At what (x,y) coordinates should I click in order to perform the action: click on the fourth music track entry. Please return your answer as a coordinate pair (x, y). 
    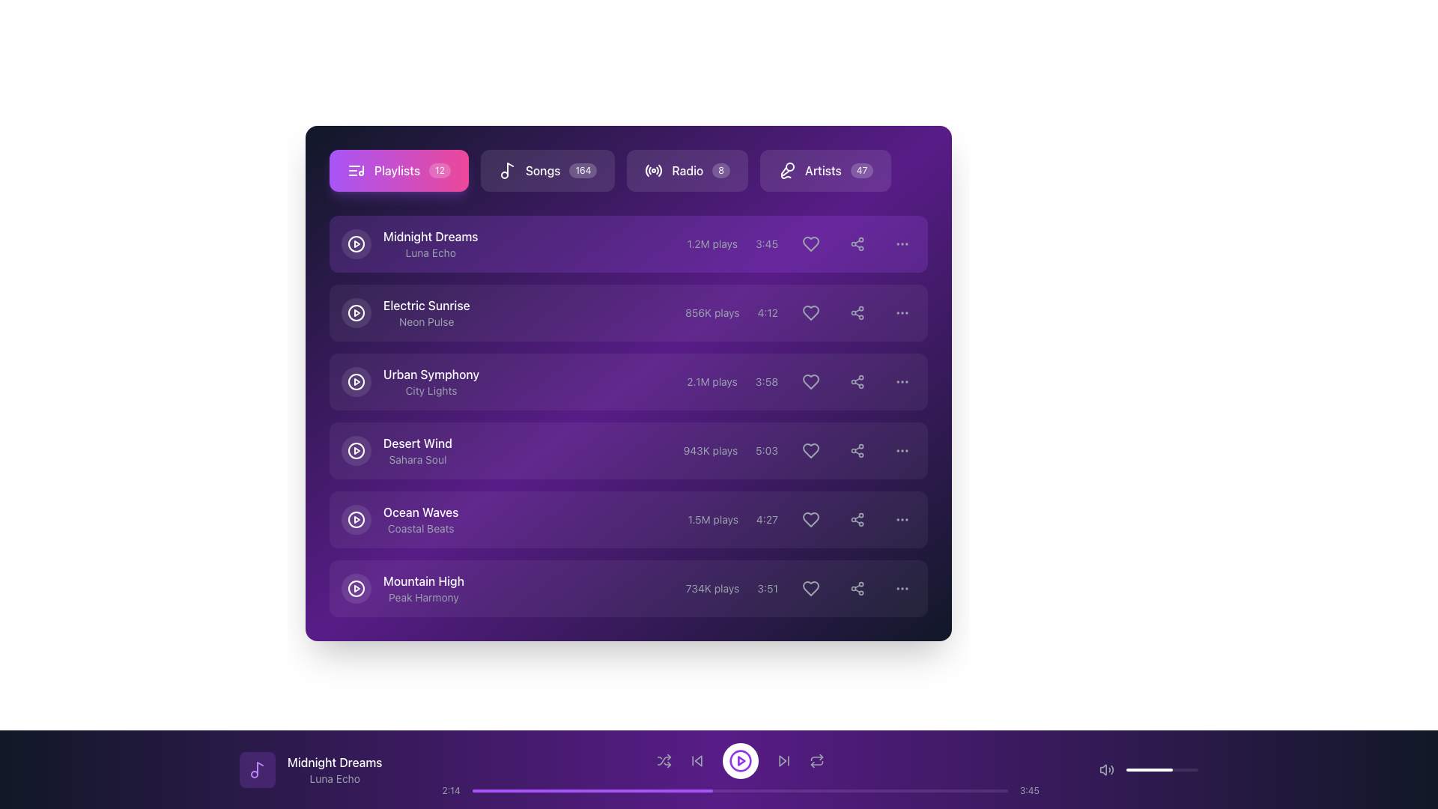
    Looking at the image, I should click on (628, 449).